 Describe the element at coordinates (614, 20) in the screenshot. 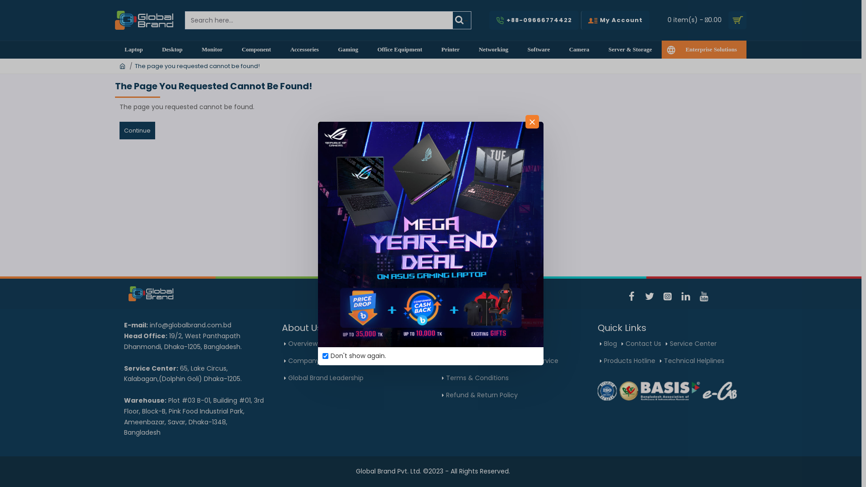

I see `'My Account'` at that location.